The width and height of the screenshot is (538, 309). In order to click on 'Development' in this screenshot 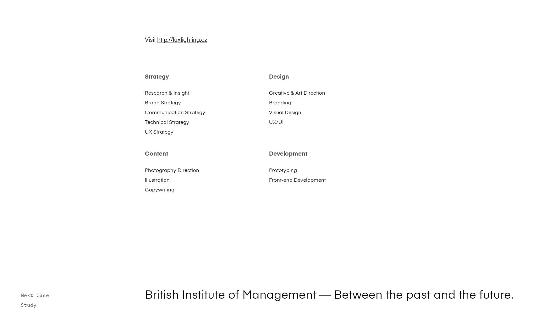, I will do `click(288, 153)`.